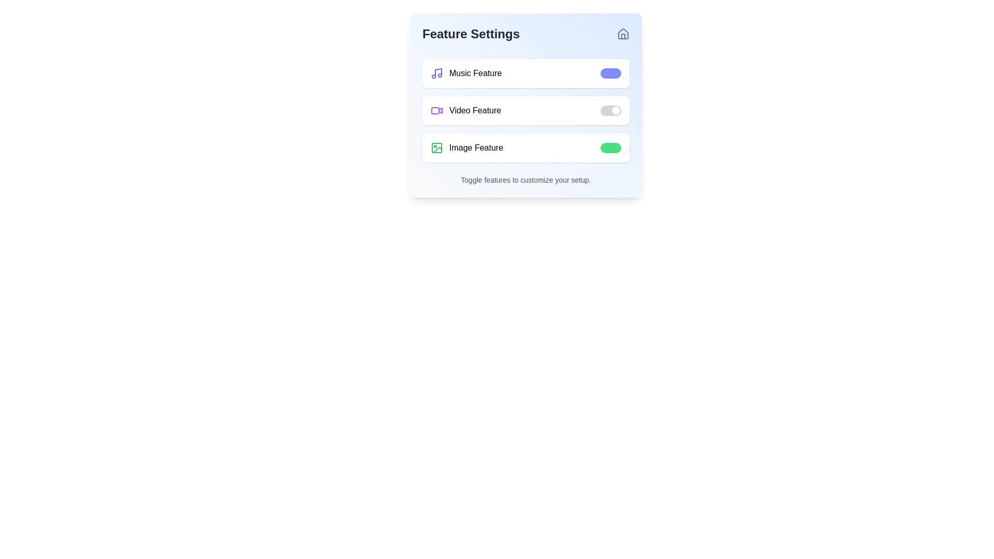  Describe the element at coordinates (611, 148) in the screenshot. I see `the toggle switch located at the far right of the 'Image Feature' row in the settings section to switch it OFF` at that location.